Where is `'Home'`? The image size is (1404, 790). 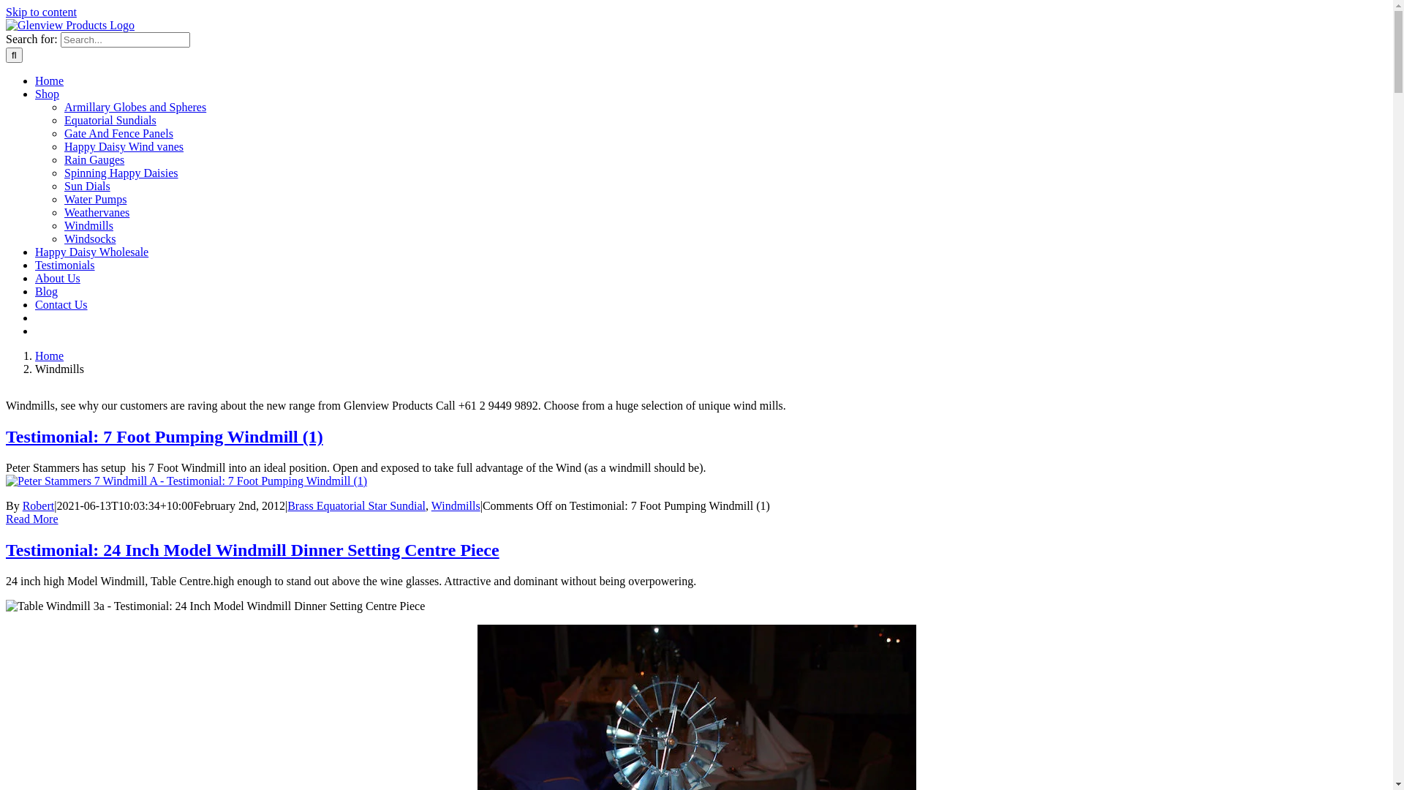
'Home' is located at coordinates (49, 80).